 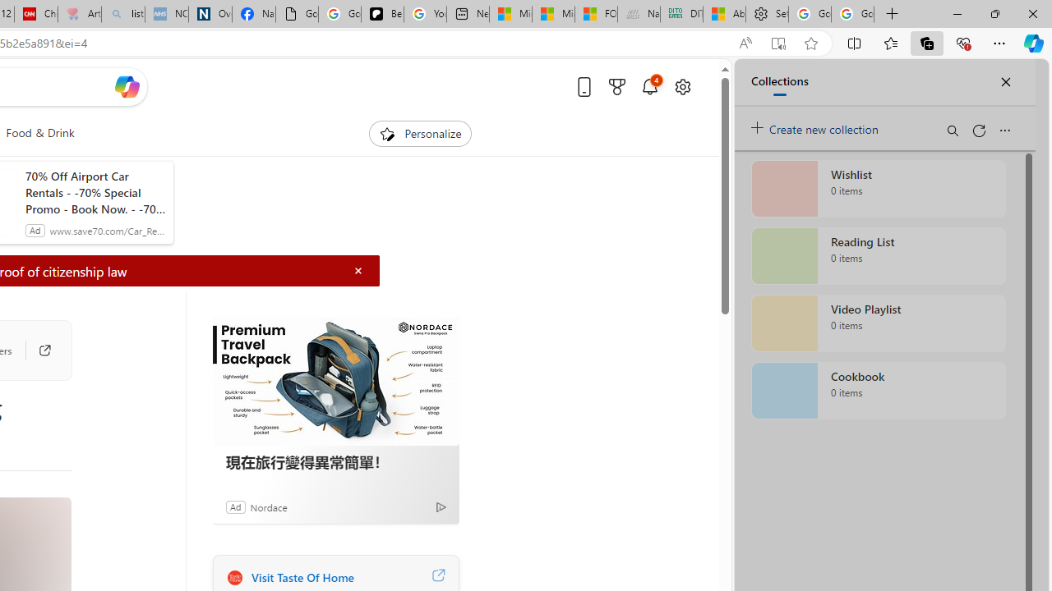 What do you see at coordinates (681, 14) in the screenshot?
I see `'DITOGAMES AG Imprint'` at bounding box center [681, 14].